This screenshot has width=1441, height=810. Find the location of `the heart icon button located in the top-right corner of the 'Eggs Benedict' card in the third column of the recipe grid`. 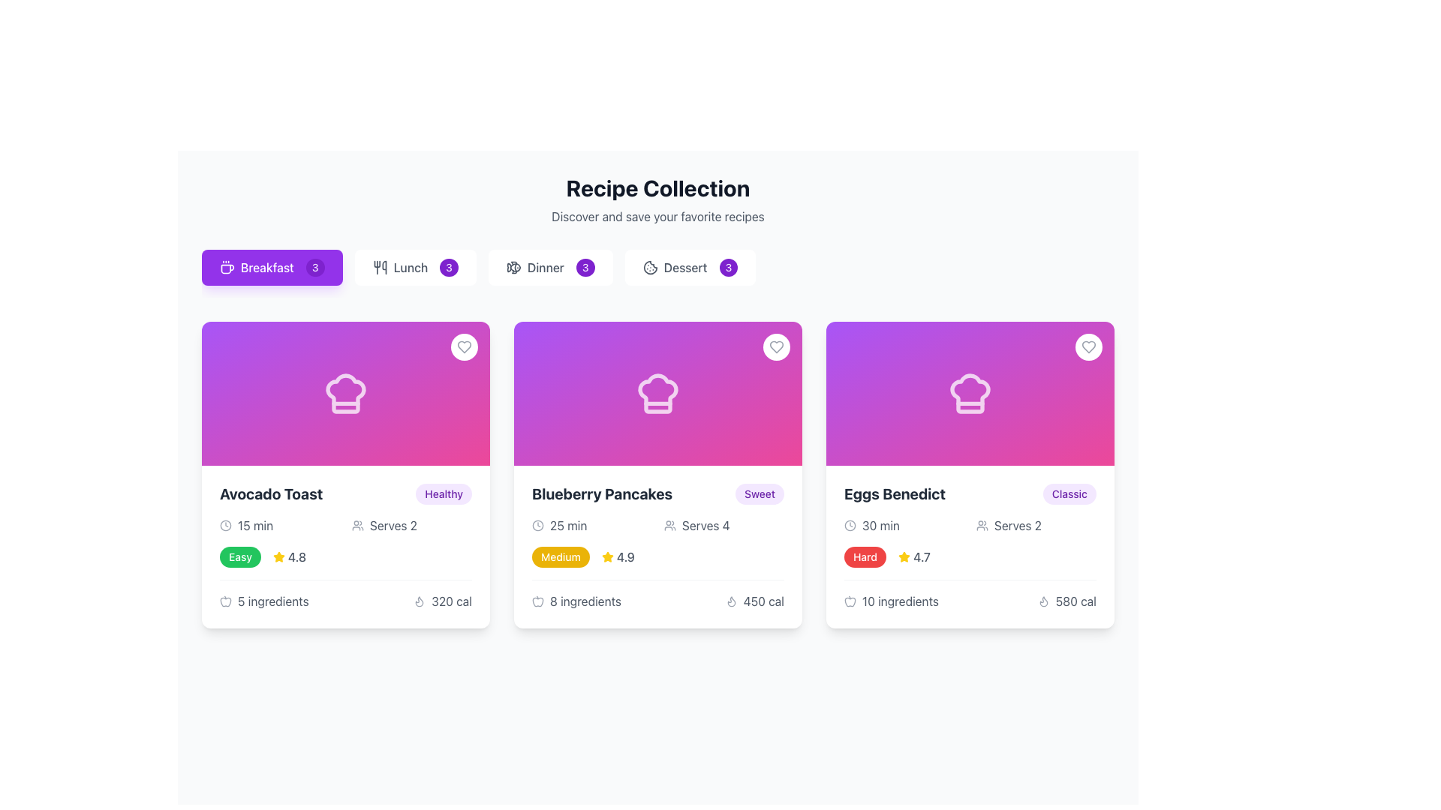

the heart icon button located in the top-right corner of the 'Eggs Benedict' card in the third column of the recipe grid is located at coordinates (1088, 346).